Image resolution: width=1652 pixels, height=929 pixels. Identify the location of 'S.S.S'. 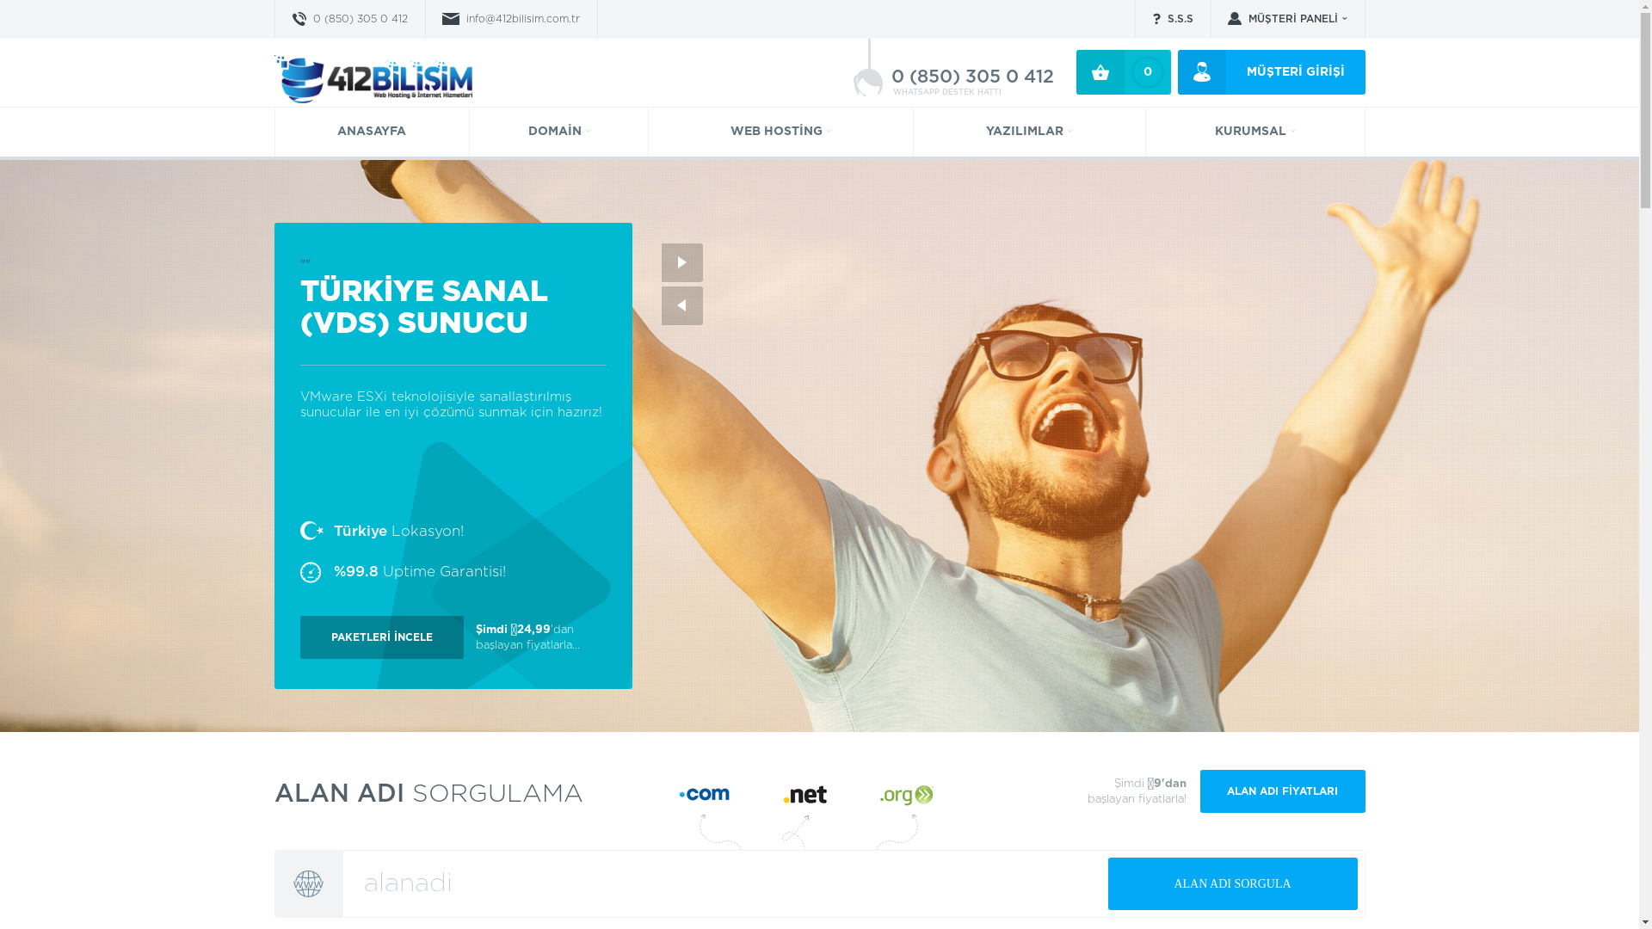
(1171, 19).